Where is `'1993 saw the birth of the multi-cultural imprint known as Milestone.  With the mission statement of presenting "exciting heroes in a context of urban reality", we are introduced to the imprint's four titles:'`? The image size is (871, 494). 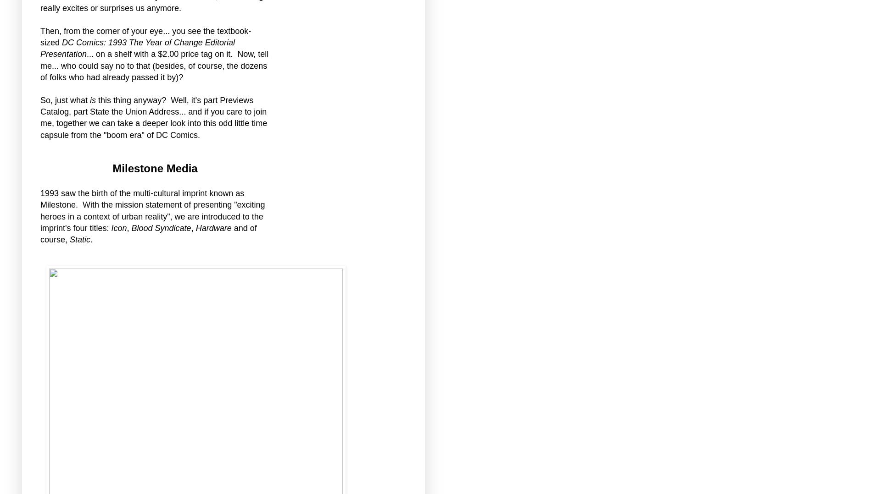
'1993 saw the birth of the multi-cultural imprint known as Milestone.  With the mission statement of presenting "exciting heroes in a context of urban reality", we are introduced to the imprint's four titles:' is located at coordinates (152, 210).